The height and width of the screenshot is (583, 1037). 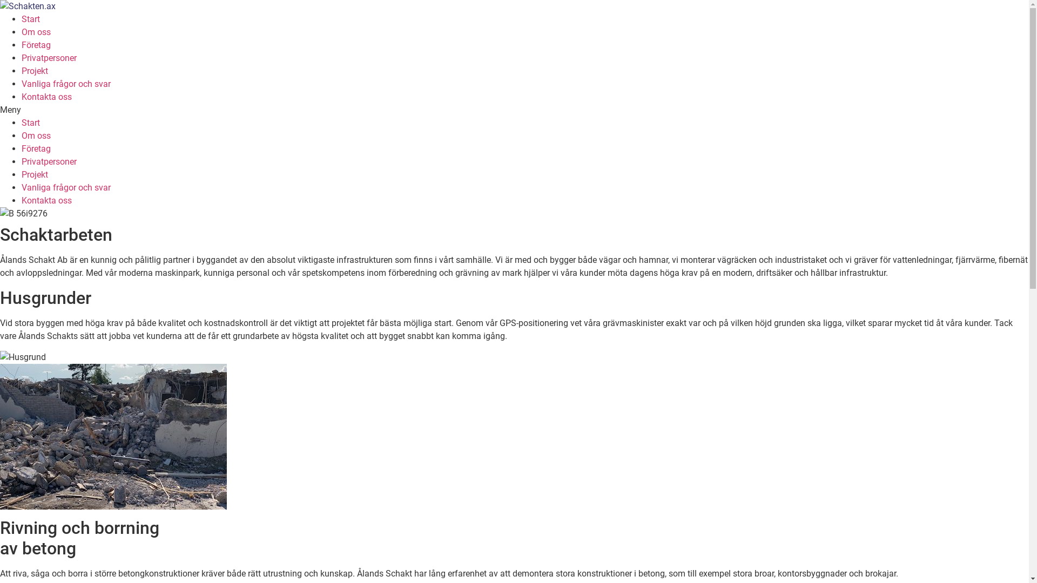 What do you see at coordinates (49, 161) in the screenshot?
I see `'Privatpersoner'` at bounding box center [49, 161].